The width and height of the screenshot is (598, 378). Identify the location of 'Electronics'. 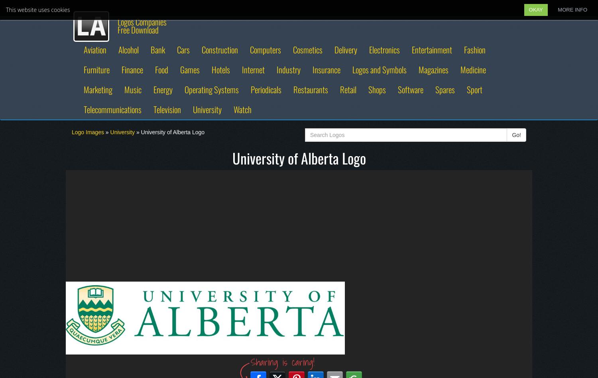
(384, 49).